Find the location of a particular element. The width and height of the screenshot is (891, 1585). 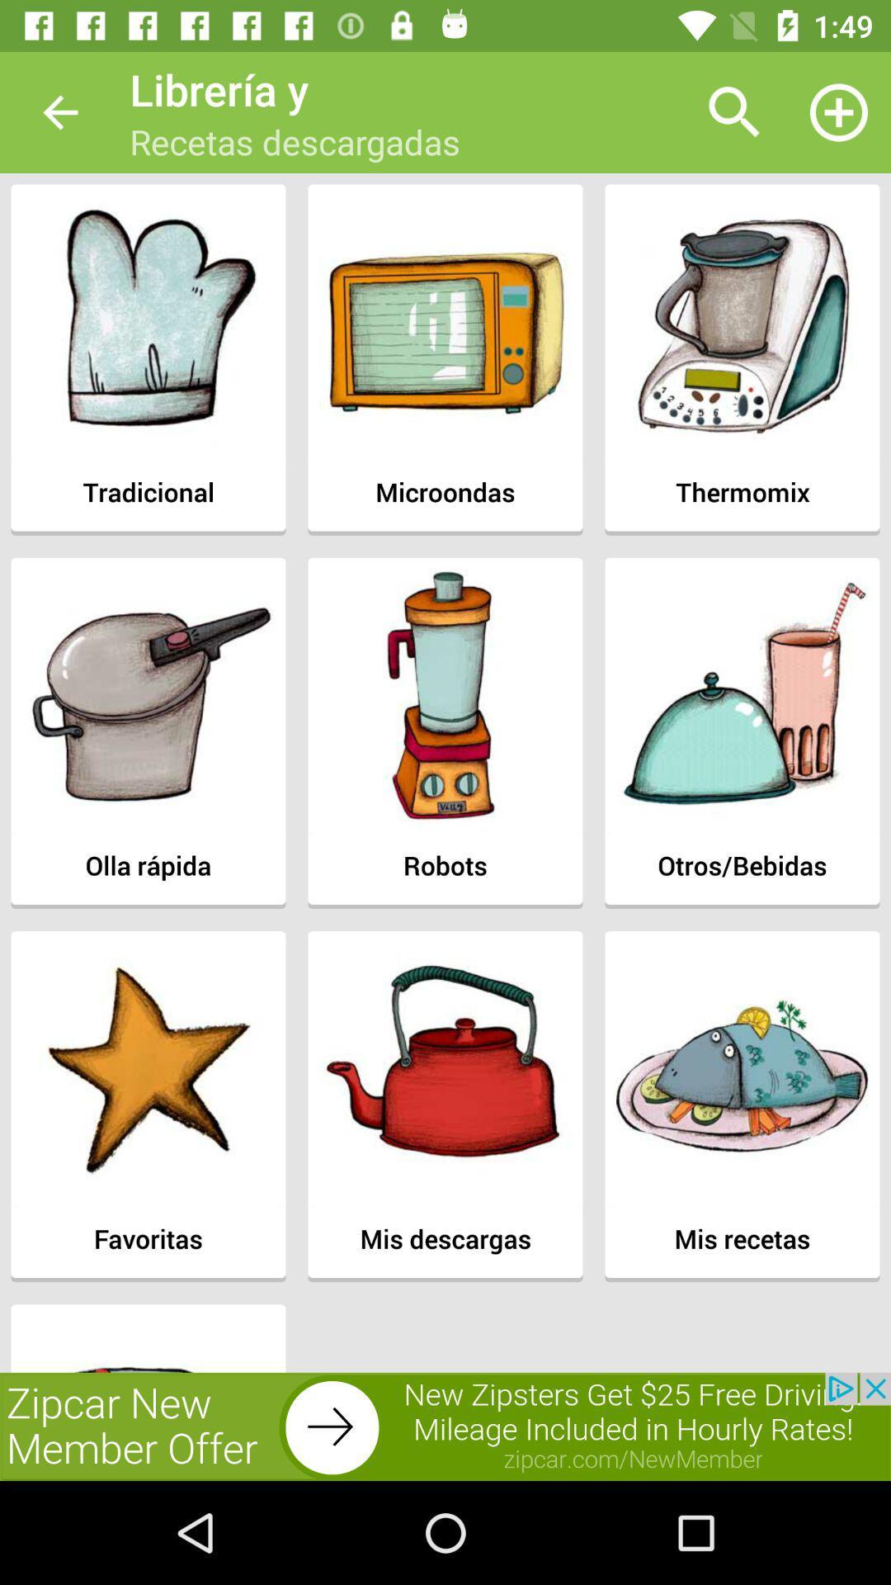

make advertisement is located at coordinates (445, 1426).